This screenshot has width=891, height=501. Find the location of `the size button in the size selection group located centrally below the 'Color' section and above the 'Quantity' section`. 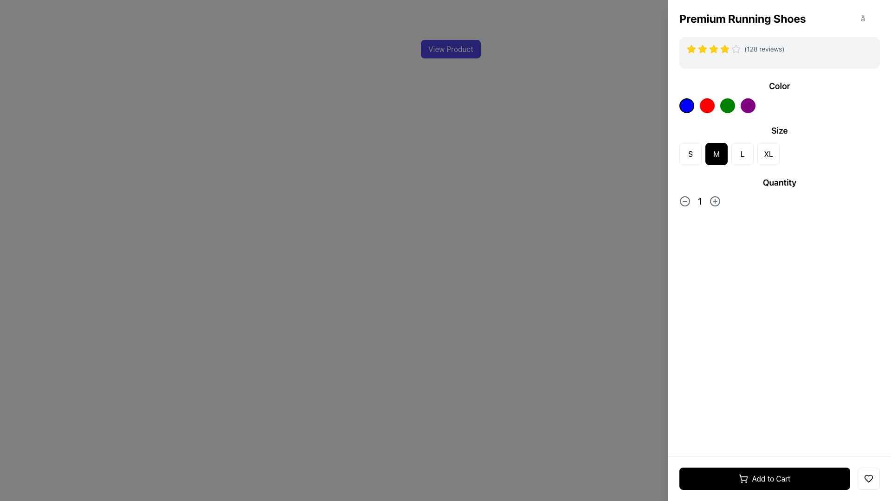

the size button in the size selection group located centrally below the 'Color' section and above the 'Quantity' section is located at coordinates (780, 145).